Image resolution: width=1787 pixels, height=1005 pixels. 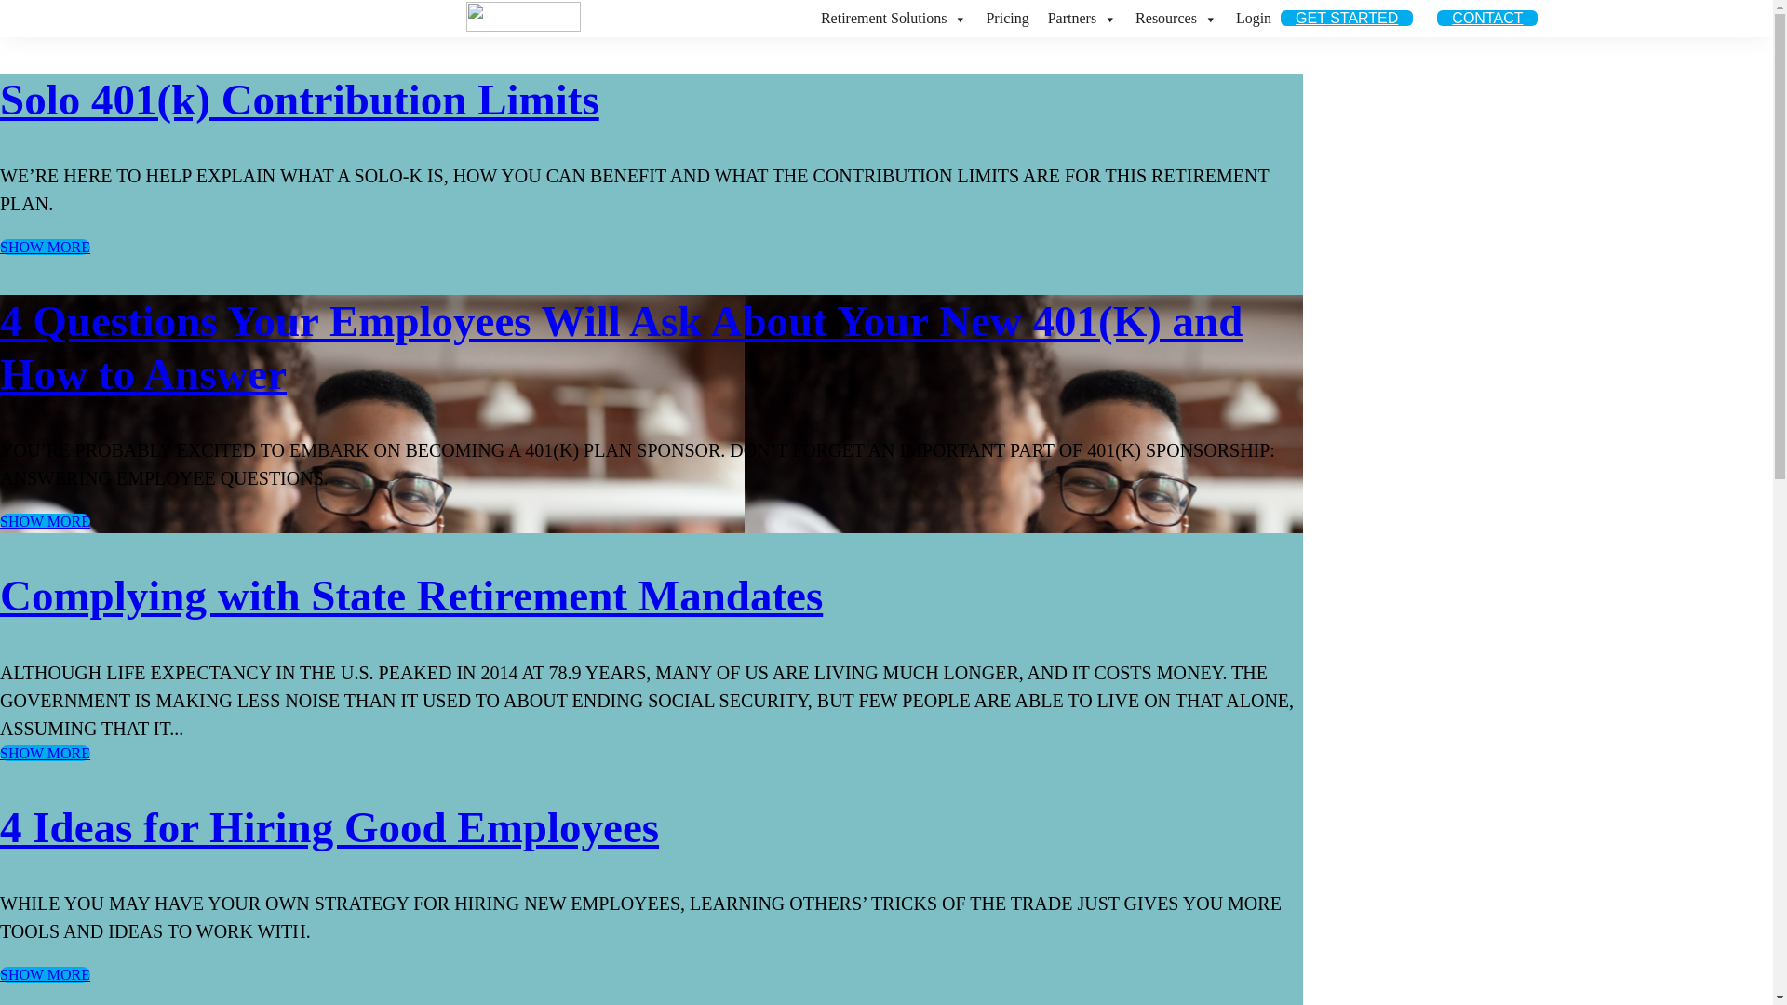 I want to click on 'Partners', so click(x=1082, y=18).